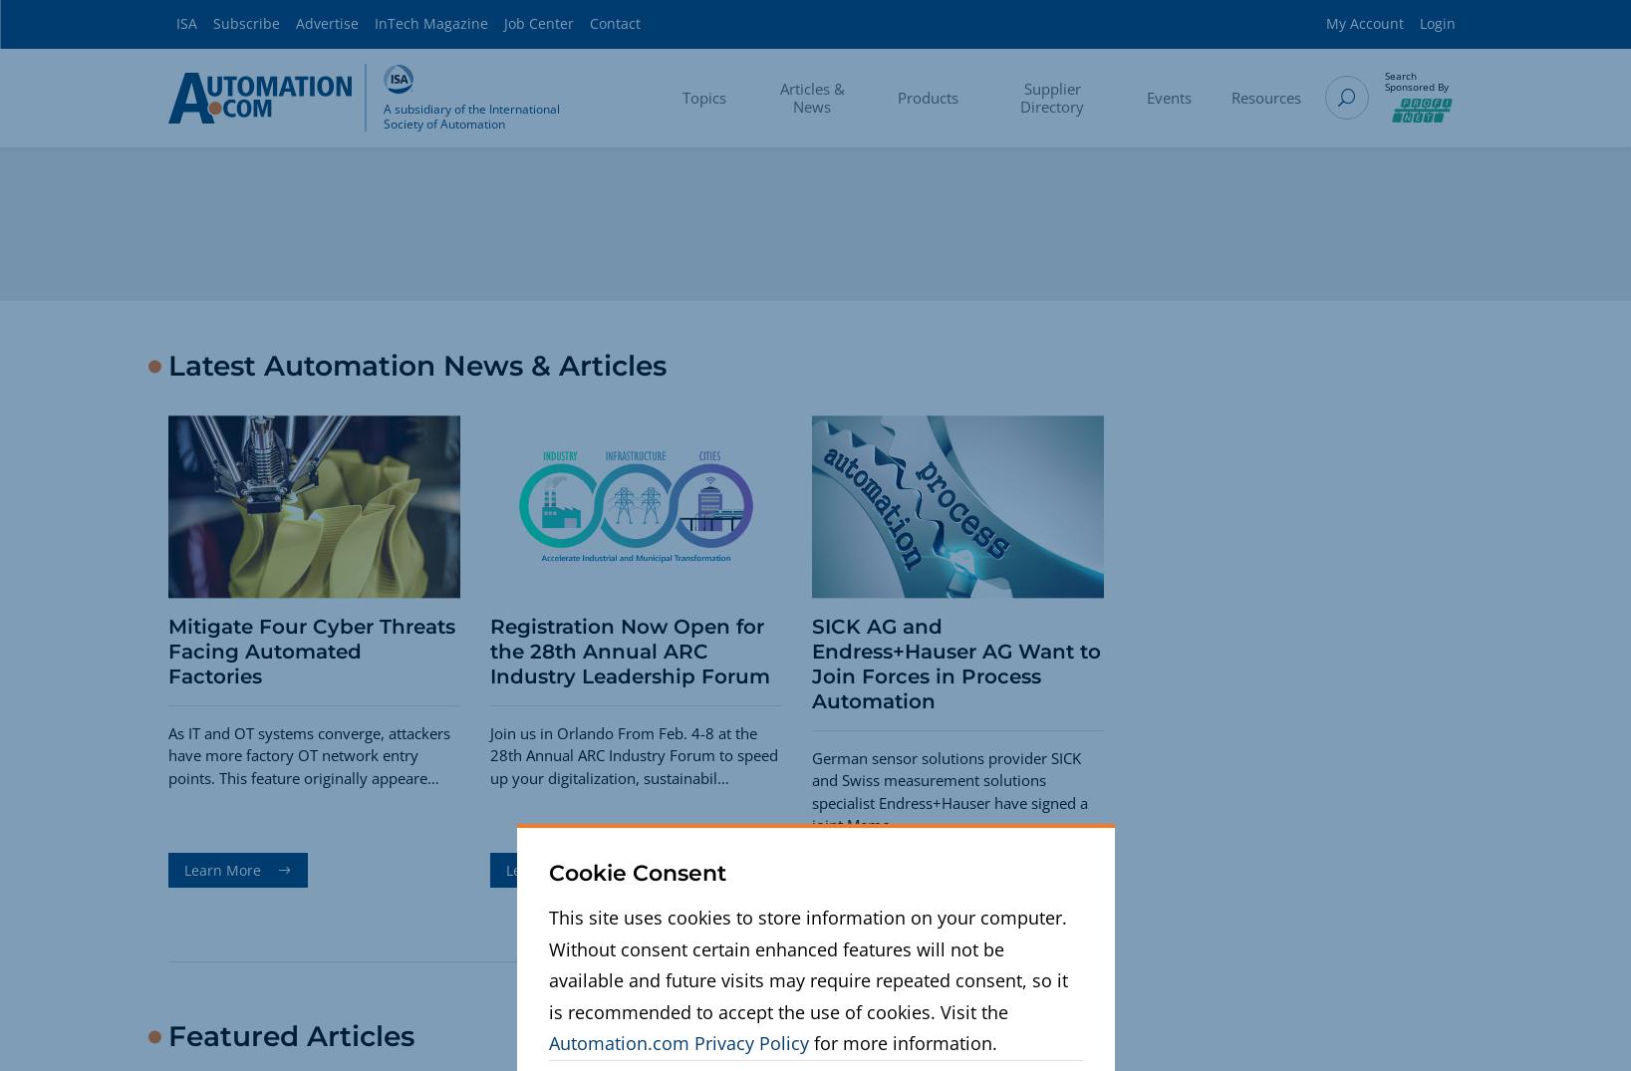 This screenshot has width=1631, height=1071. Describe the element at coordinates (1053, 955) in the screenshot. I see `'Cancel'` at that location.